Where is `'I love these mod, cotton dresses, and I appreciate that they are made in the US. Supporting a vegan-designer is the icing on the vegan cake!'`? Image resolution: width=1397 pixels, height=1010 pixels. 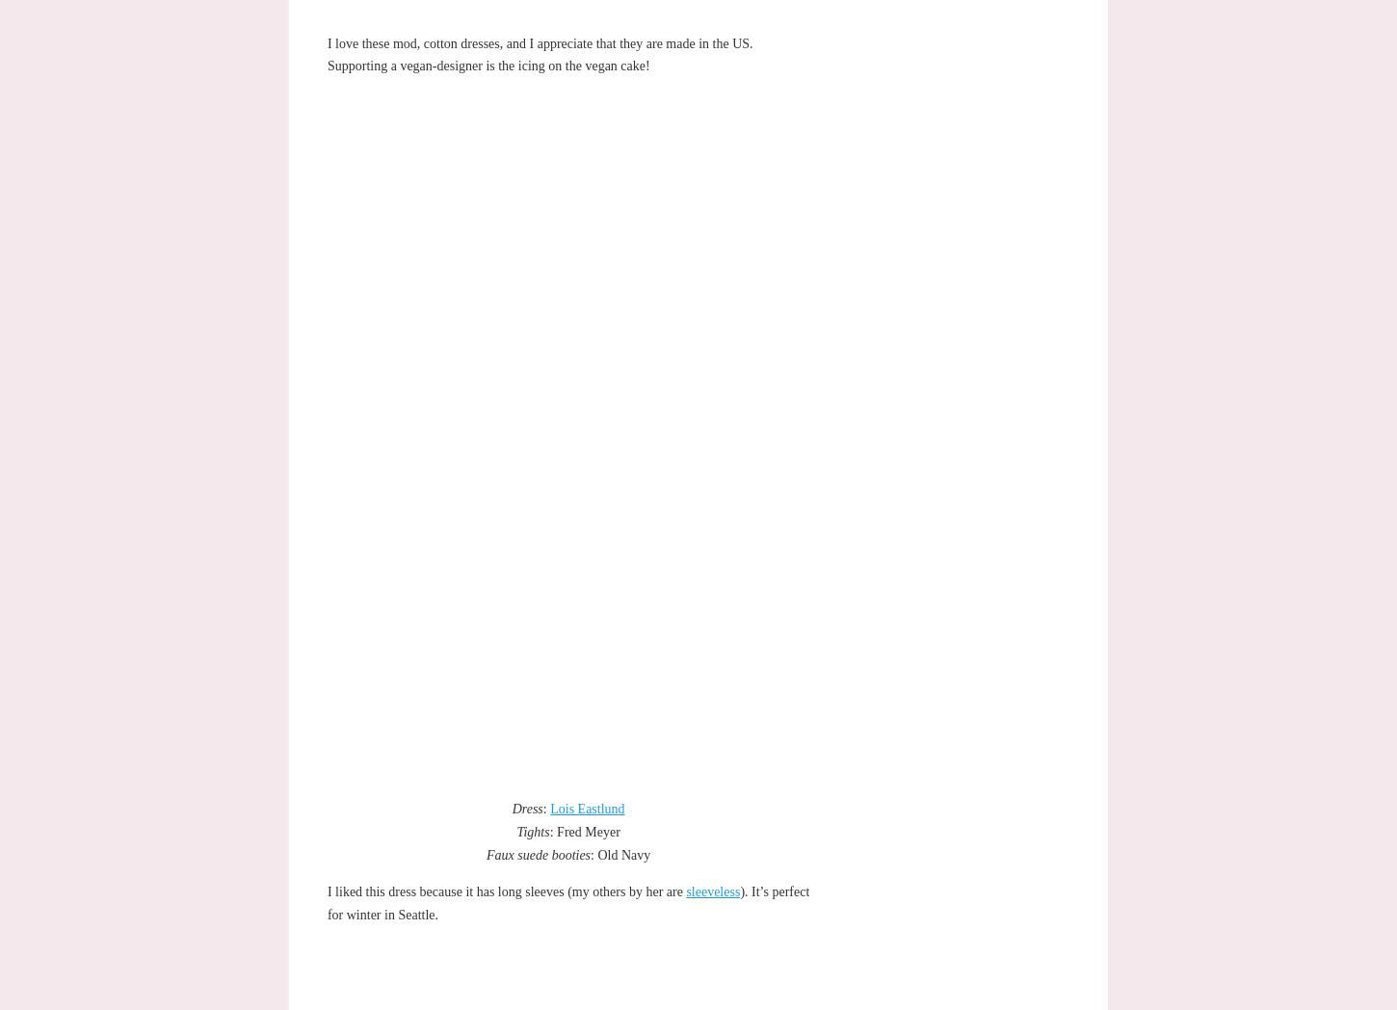
'I love these mod, cotton dresses, and I appreciate that they are made in the US. Supporting a vegan-designer is the icing on the vegan cake!' is located at coordinates (327, 54).